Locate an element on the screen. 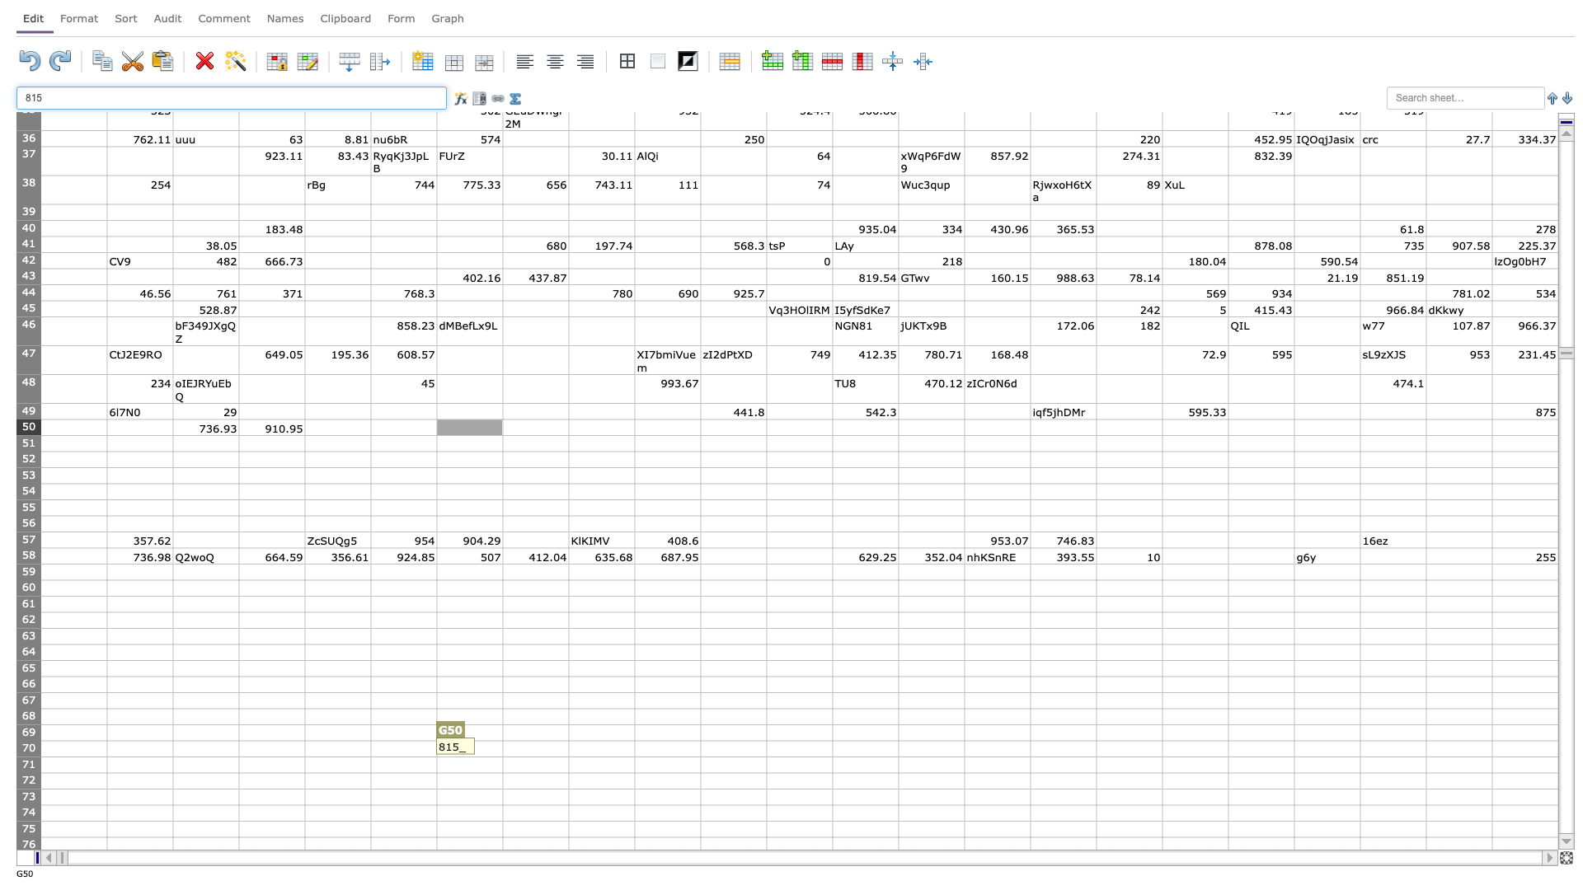 The image size is (1583, 890). Lower right corner of cell J70 is located at coordinates (700, 756).